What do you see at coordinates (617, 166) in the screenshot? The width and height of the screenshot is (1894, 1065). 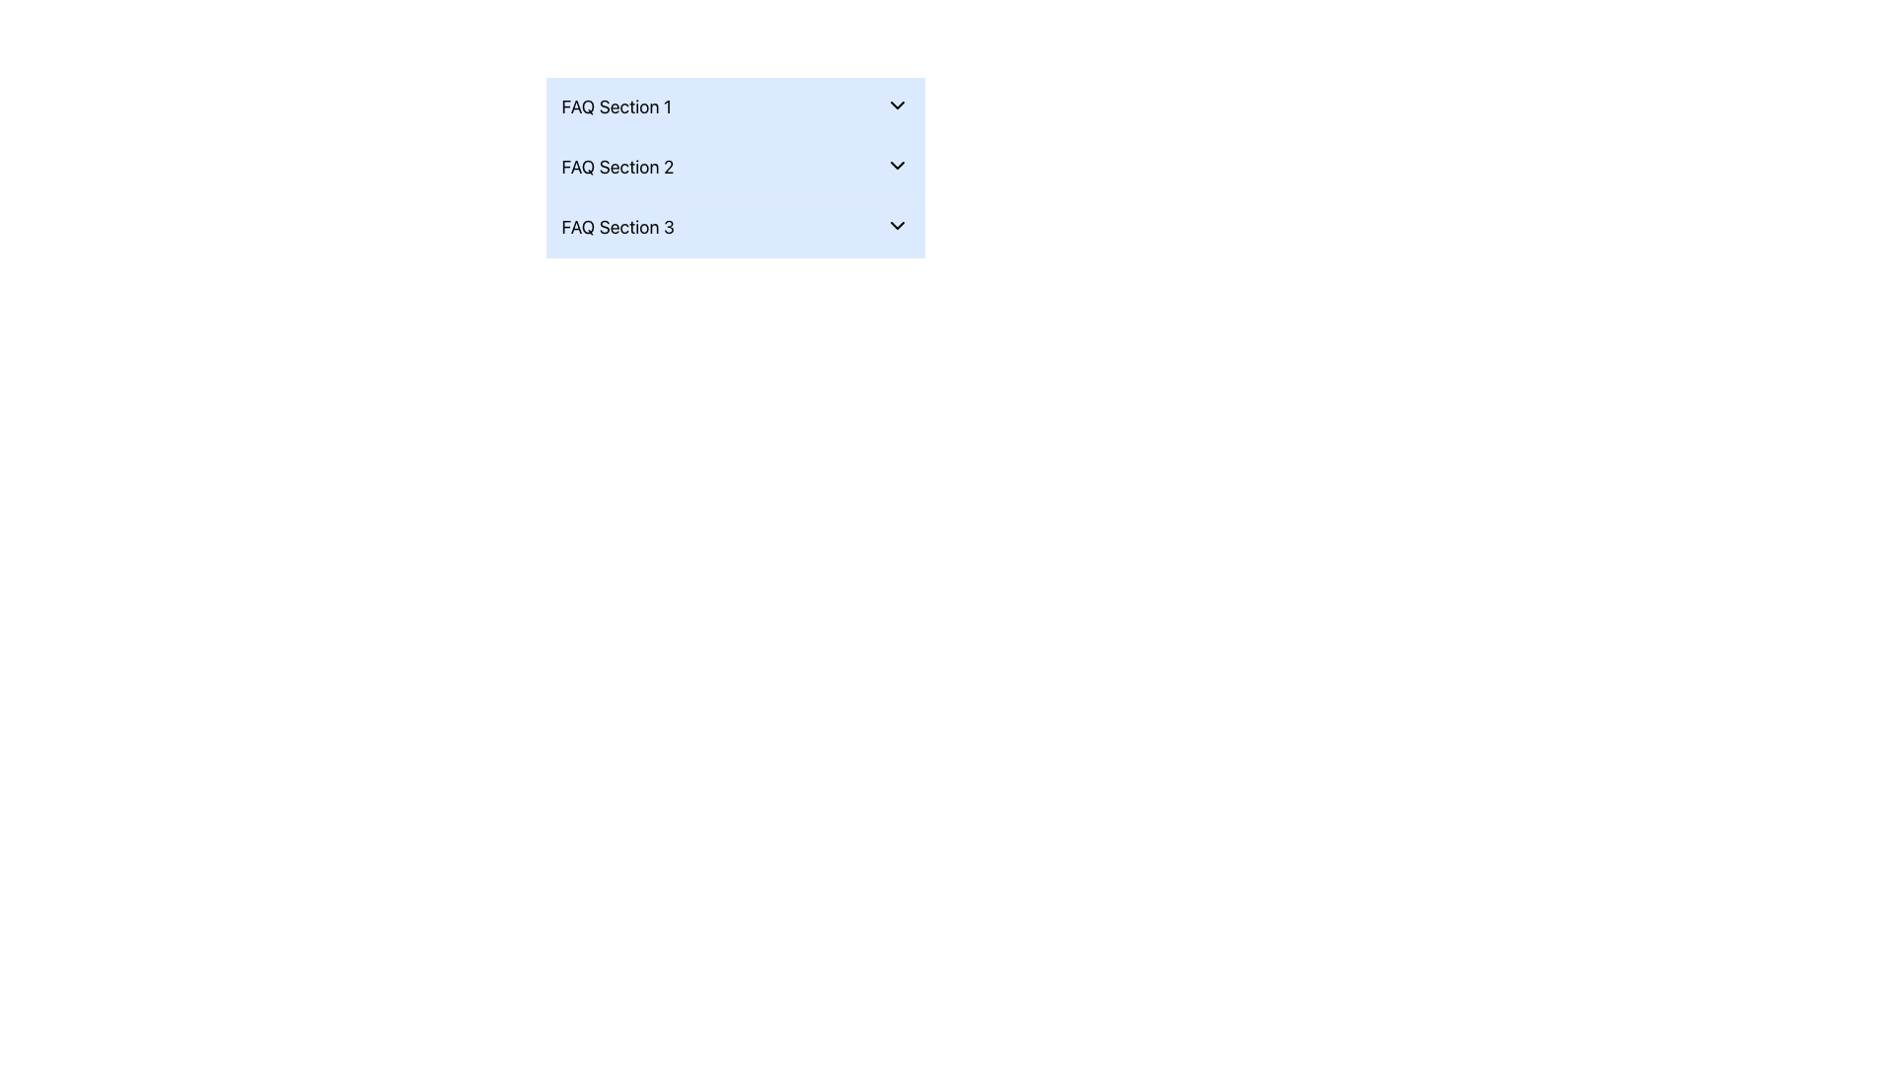 I see `the 'FAQ Section 2' text label, which is displayed in bold black font against a light blue background and is part of the second menu item in the FAQ sections list` at bounding box center [617, 166].